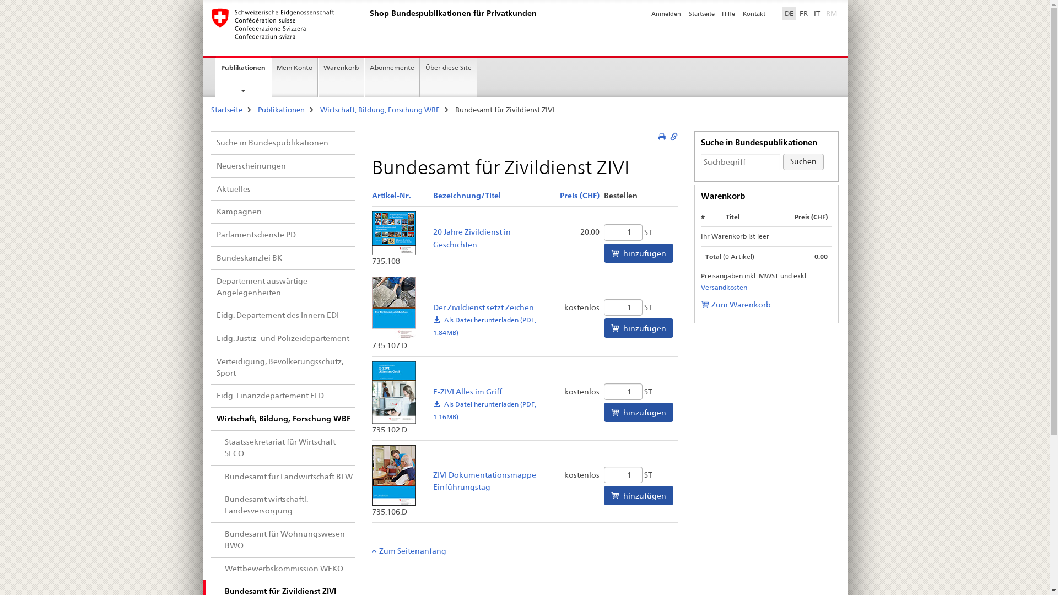 Image resolution: width=1058 pixels, height=595 pixels. What do you see at coordinates (210, 258) in the screenshot?
I see `'Bundeskanzlei BK'` at bounding box center [210, 258].